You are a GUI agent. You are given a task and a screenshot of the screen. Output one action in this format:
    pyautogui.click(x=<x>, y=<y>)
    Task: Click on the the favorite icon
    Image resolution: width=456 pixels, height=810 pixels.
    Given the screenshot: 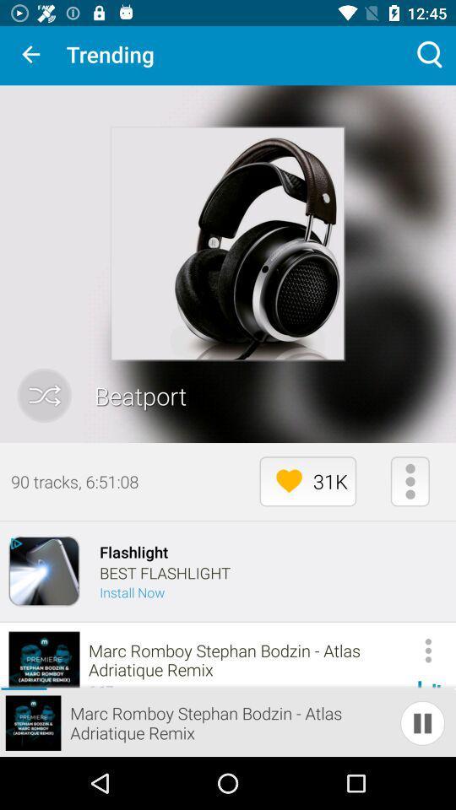 What is the action you would take?
    pyautogui.click(x=288, y=481)
    